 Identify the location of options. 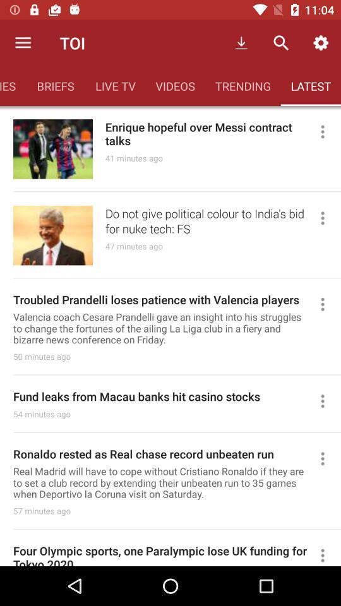
(328, 304).